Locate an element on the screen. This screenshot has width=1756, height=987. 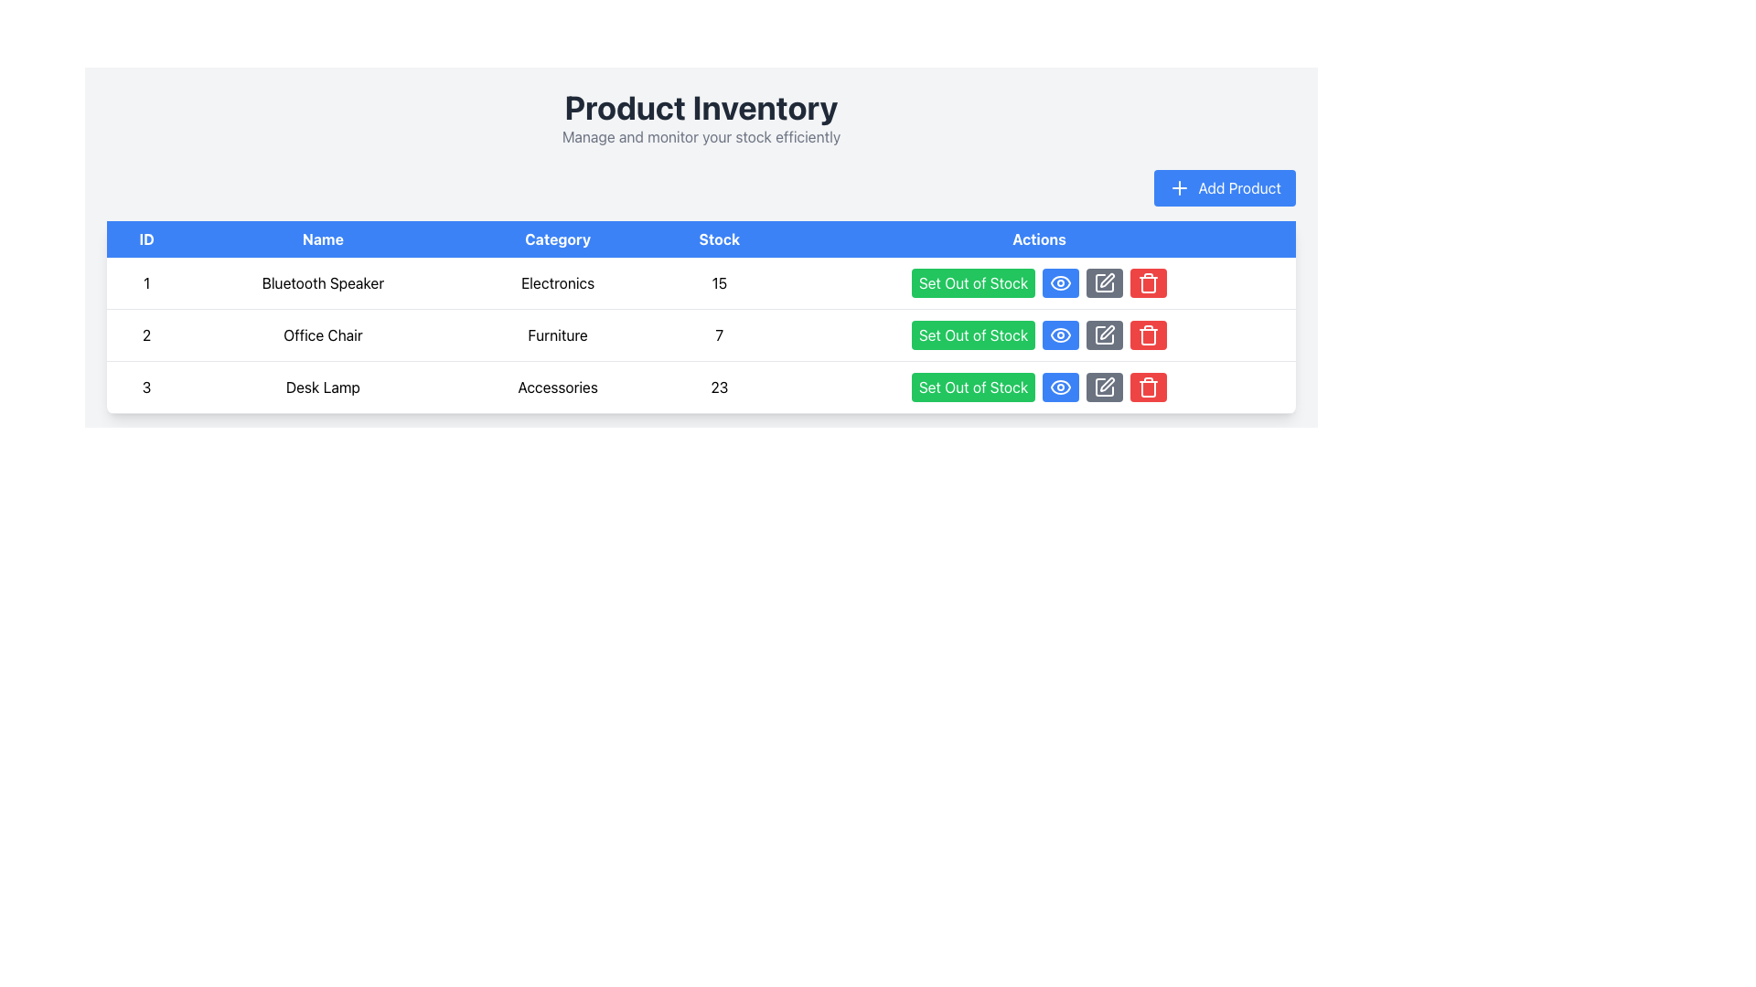
the 'Furniture' text element located in the second row of the table under the 'Category' column is located at coordinates (557, 334).